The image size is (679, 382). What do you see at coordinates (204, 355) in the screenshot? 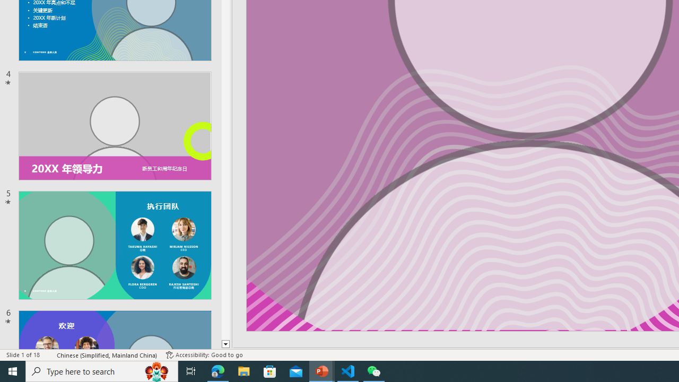
I see `'Accessibility Checker Accessibility: Good to go'` at bounding box center [204, 355].